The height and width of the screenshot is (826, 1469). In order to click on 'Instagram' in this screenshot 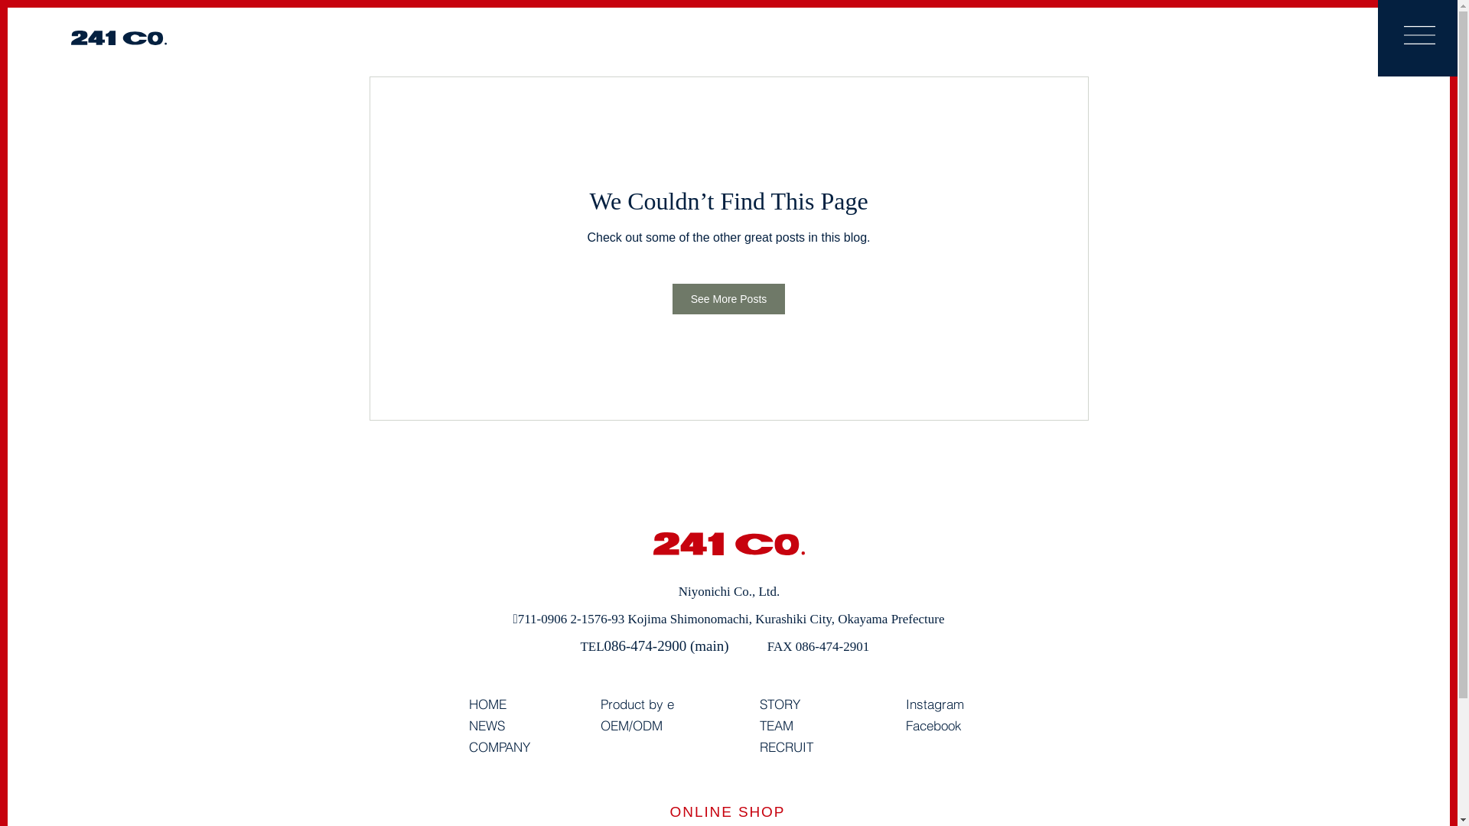, I will do `click(934, 704)`.